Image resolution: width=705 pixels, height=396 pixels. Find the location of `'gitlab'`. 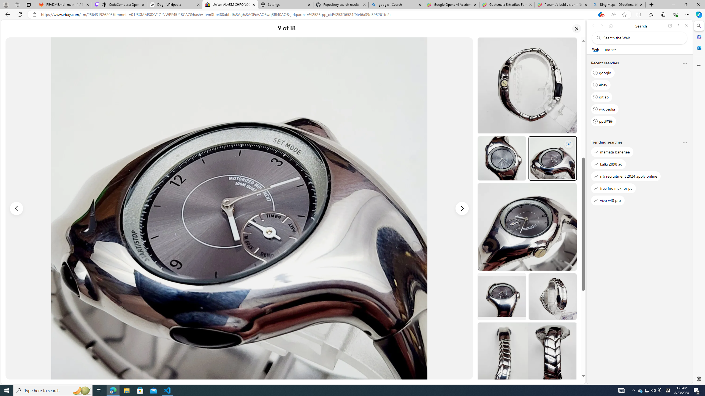

'gitlab' is located at coordinates (601, 97).